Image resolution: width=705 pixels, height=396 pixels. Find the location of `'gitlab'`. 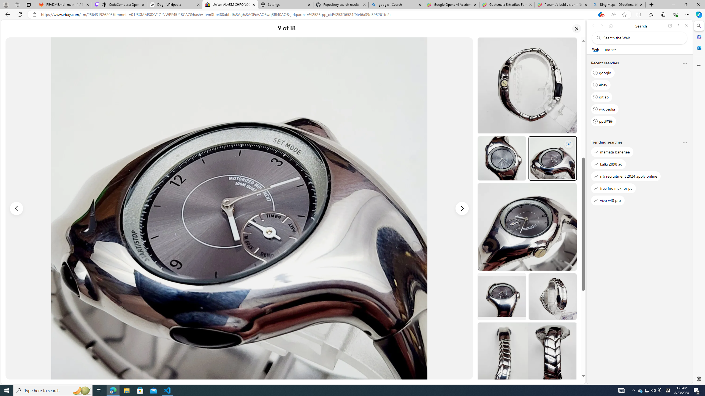

'gitlab' is located at coordinates (601, 97).